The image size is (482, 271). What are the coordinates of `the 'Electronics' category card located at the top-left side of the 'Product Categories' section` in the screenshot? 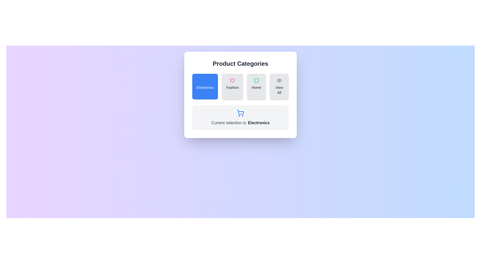 It's located at (205, 86).